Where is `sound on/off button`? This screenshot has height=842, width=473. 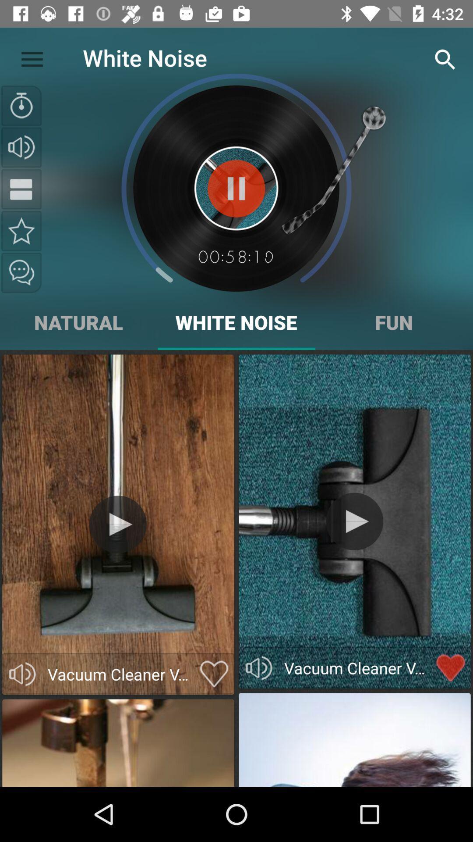 sound on/off button is located at coordinates (21, 147).